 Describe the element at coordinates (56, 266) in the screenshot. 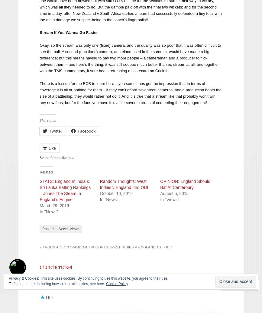

I see `'crunchcricket'` at that location.